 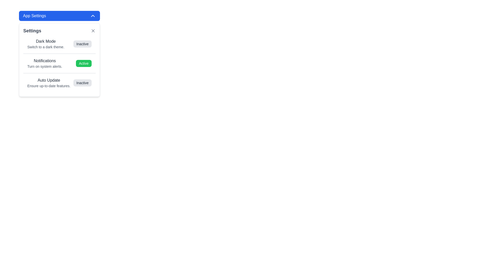 What do you see at coordinates (59, 63) in the screenshot?
I see `text indicating the current notification status from the 'Notifications' component, which includes the title 'Notifications' and the subtitle 'Turn on system alerts.'` at bounding box center [59, 63].